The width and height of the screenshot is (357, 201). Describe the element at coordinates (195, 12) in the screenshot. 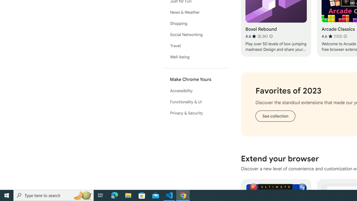

I see `'News & Weather'` at that location.